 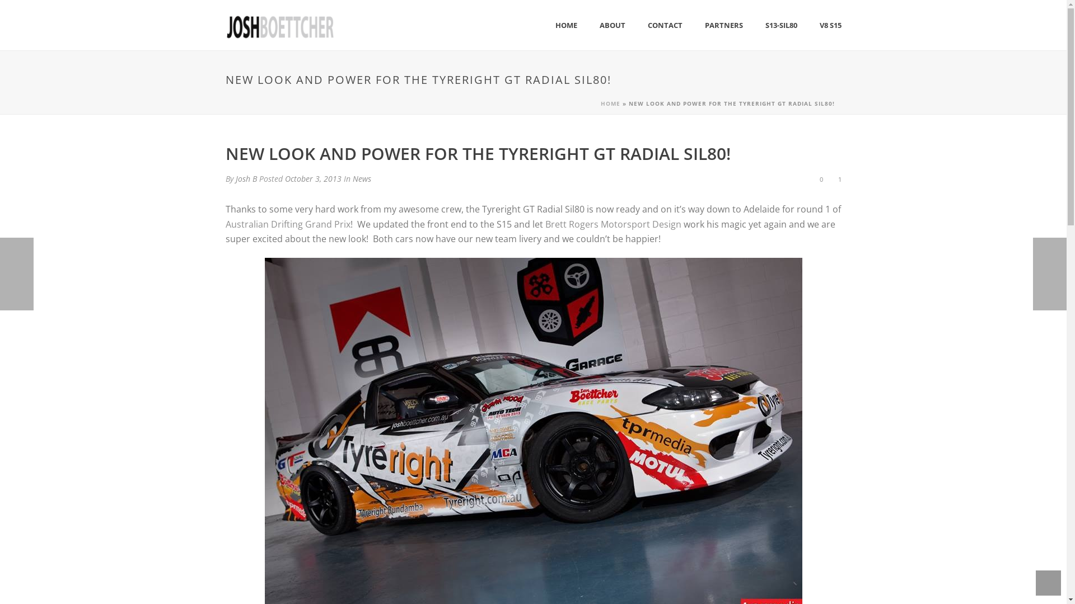 I want to click on 'ABOUT', so click(x=611, y=25).